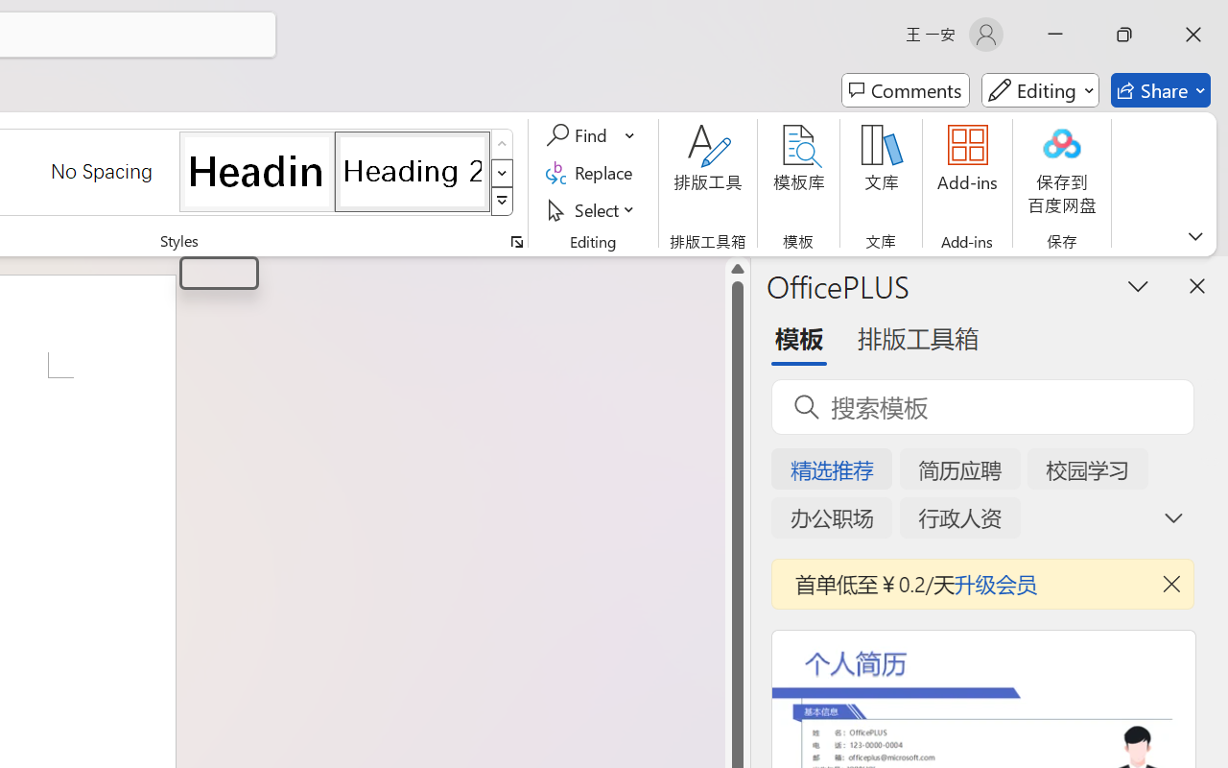 The image size is (1228, 768). Describe the element at coordinates (1139, 285) in the screenshot. I see `'Task Pane Options'` at that location.